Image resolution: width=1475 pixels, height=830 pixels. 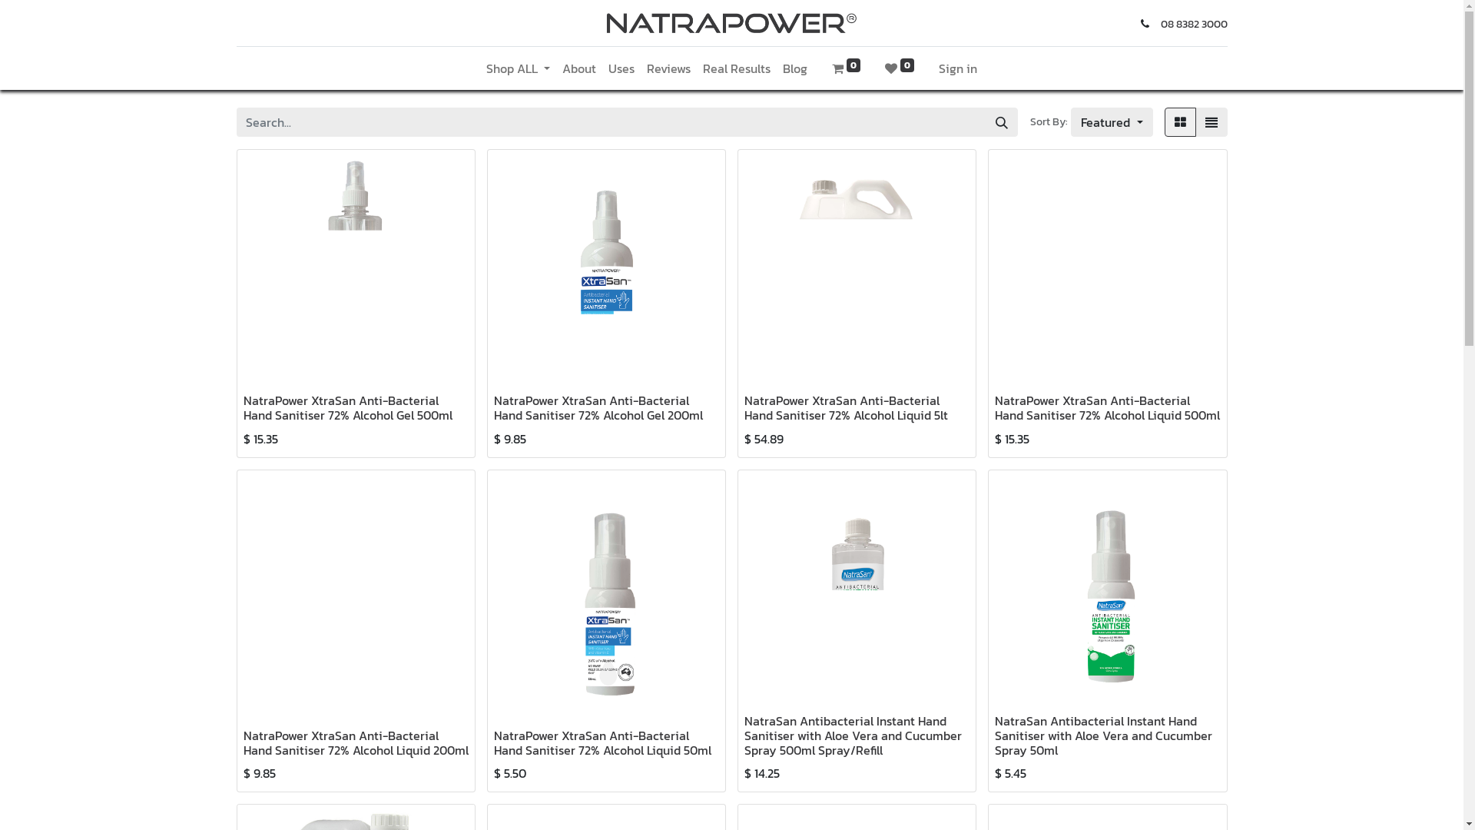 What do you see at coordinates (736, 67) in the screenshot?
I see `'Real Results'` at bounding box center [736, 67].